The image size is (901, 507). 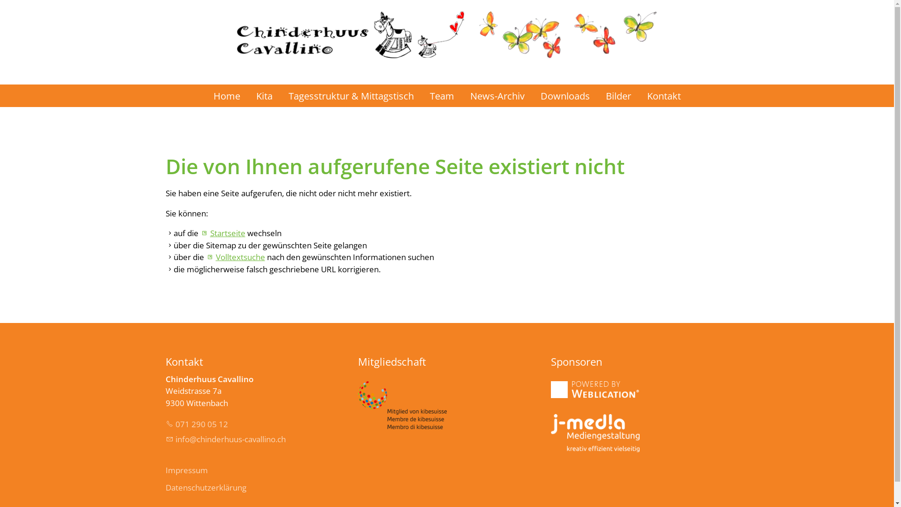 What do you see at coordinates (196, 424) in the screenshot?
I see `'071 290 05 12'` at bounding box center [196, 424].